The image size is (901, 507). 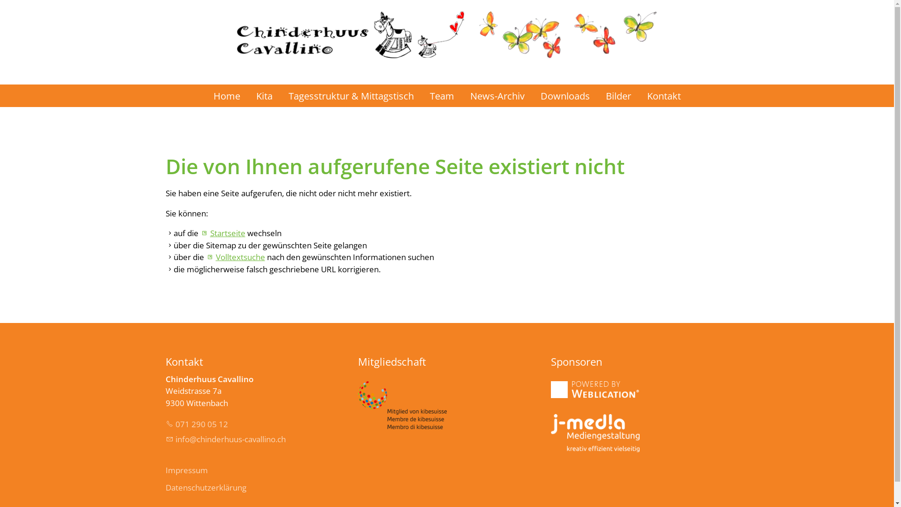 What do you see at coordinates (196, 424) in the screenshot?
I see `'071 290 05 12'` at bounding box center [196, 424].